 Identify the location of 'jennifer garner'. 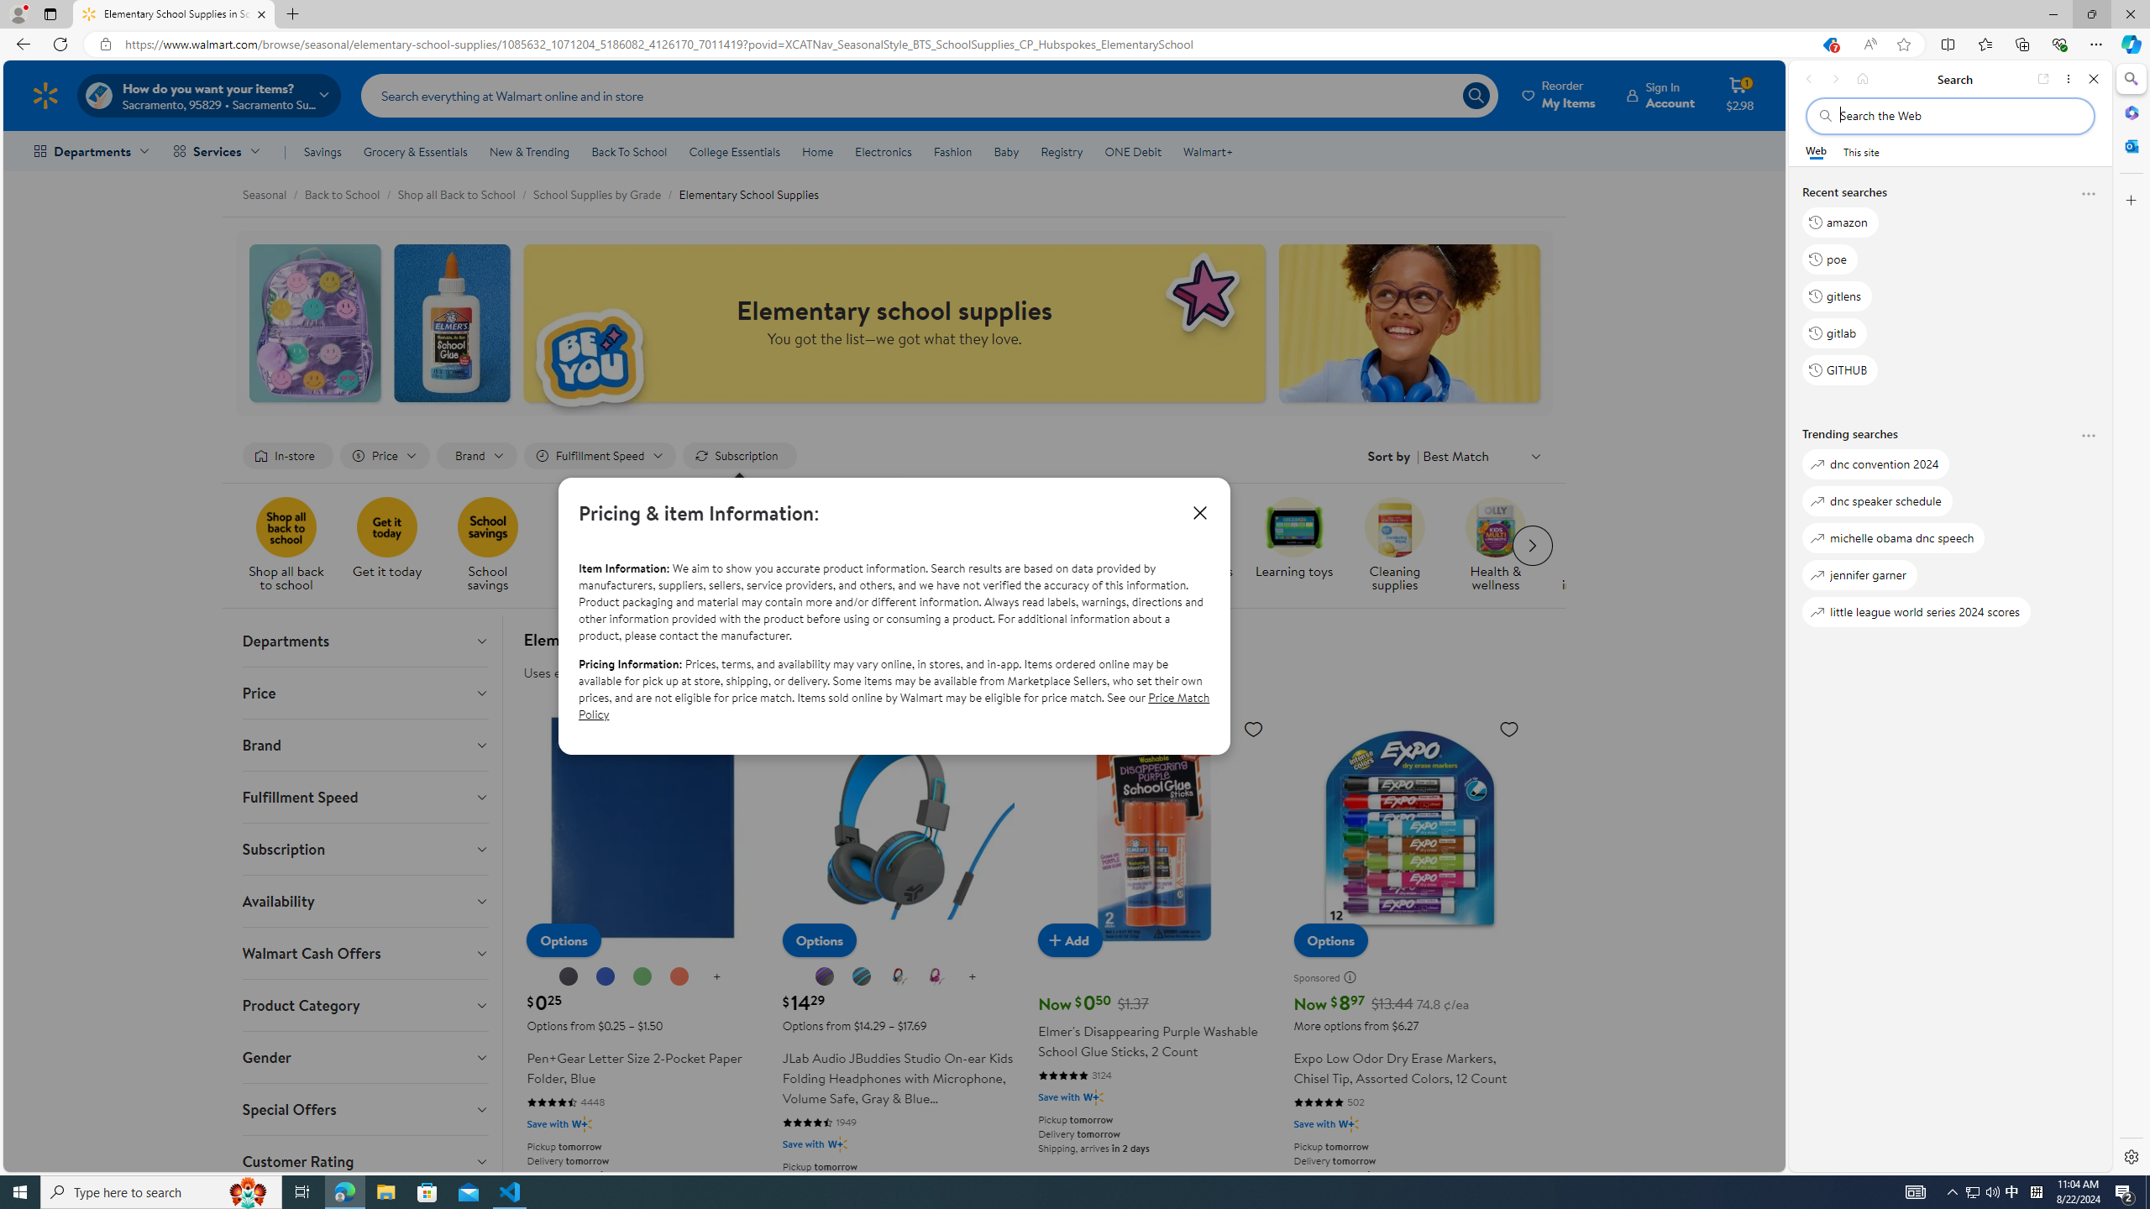
(1859, 573).